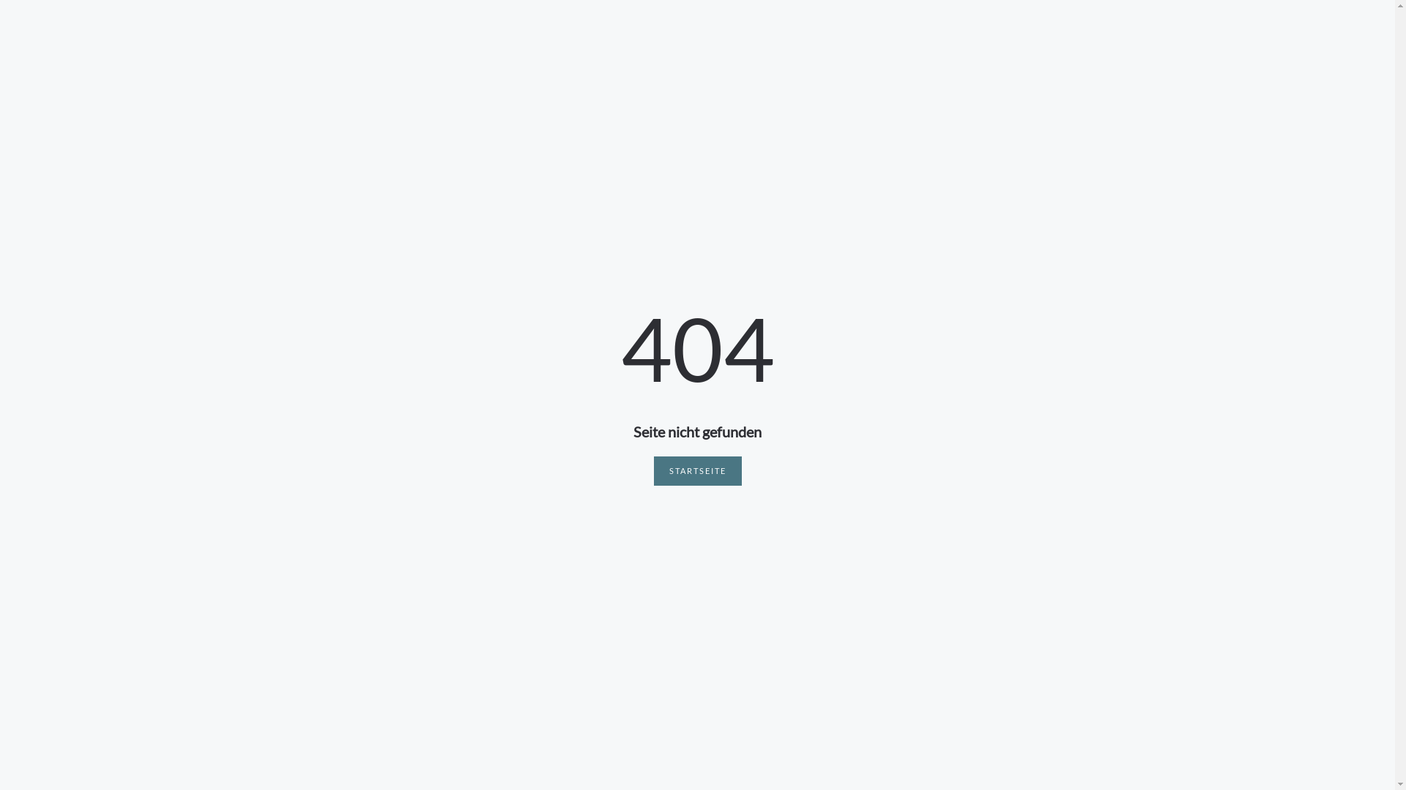 The width and height of the screenshot is (1406, 790). I want to click on 'STARTSEITE', so click(696, 471).